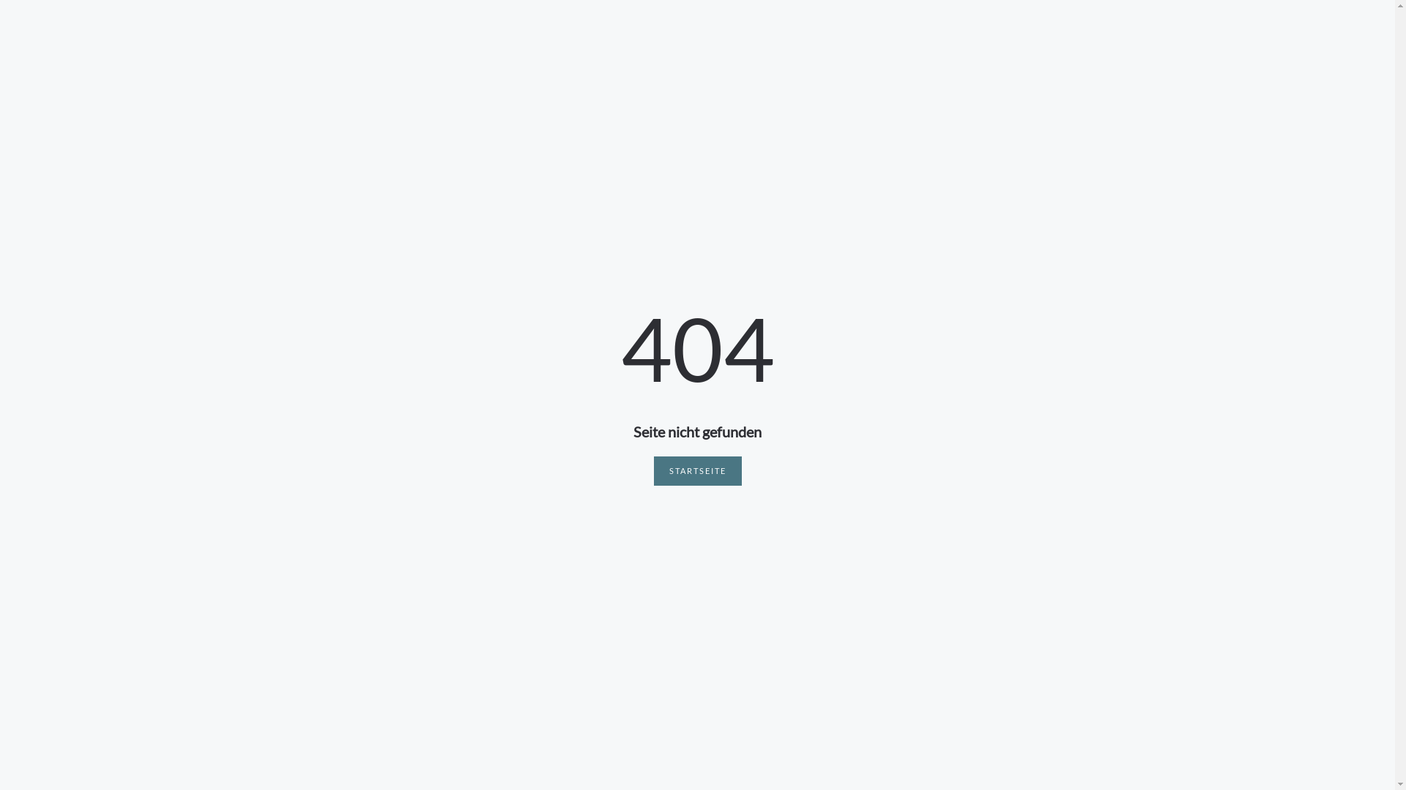 The width and height of the screenshot is (1406, 790). I want to click on 'STARTSEITE', so click(696, 471).